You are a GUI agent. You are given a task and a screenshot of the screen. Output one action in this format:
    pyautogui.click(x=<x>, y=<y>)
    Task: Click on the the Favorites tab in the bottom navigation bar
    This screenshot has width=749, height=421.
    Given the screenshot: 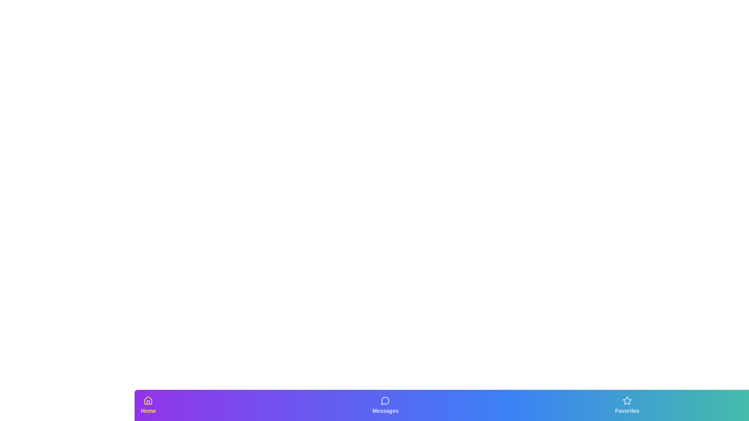 What is the action you would take?
    pyautogui.click(x=627, y=405)
    